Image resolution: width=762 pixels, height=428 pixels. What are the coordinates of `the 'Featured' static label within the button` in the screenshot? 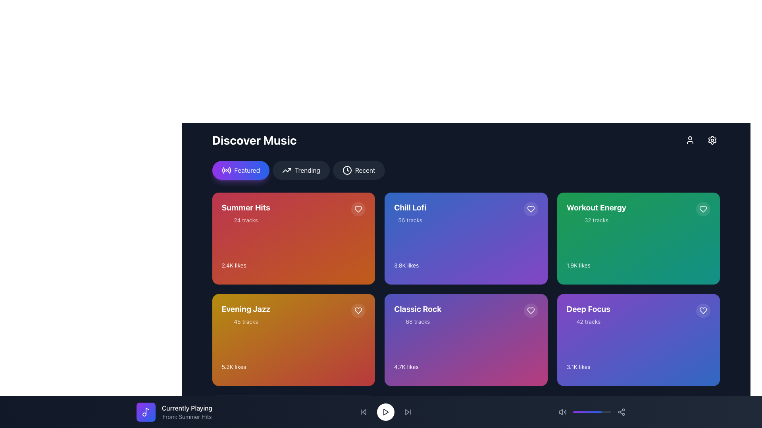 It's located at (246, 170).